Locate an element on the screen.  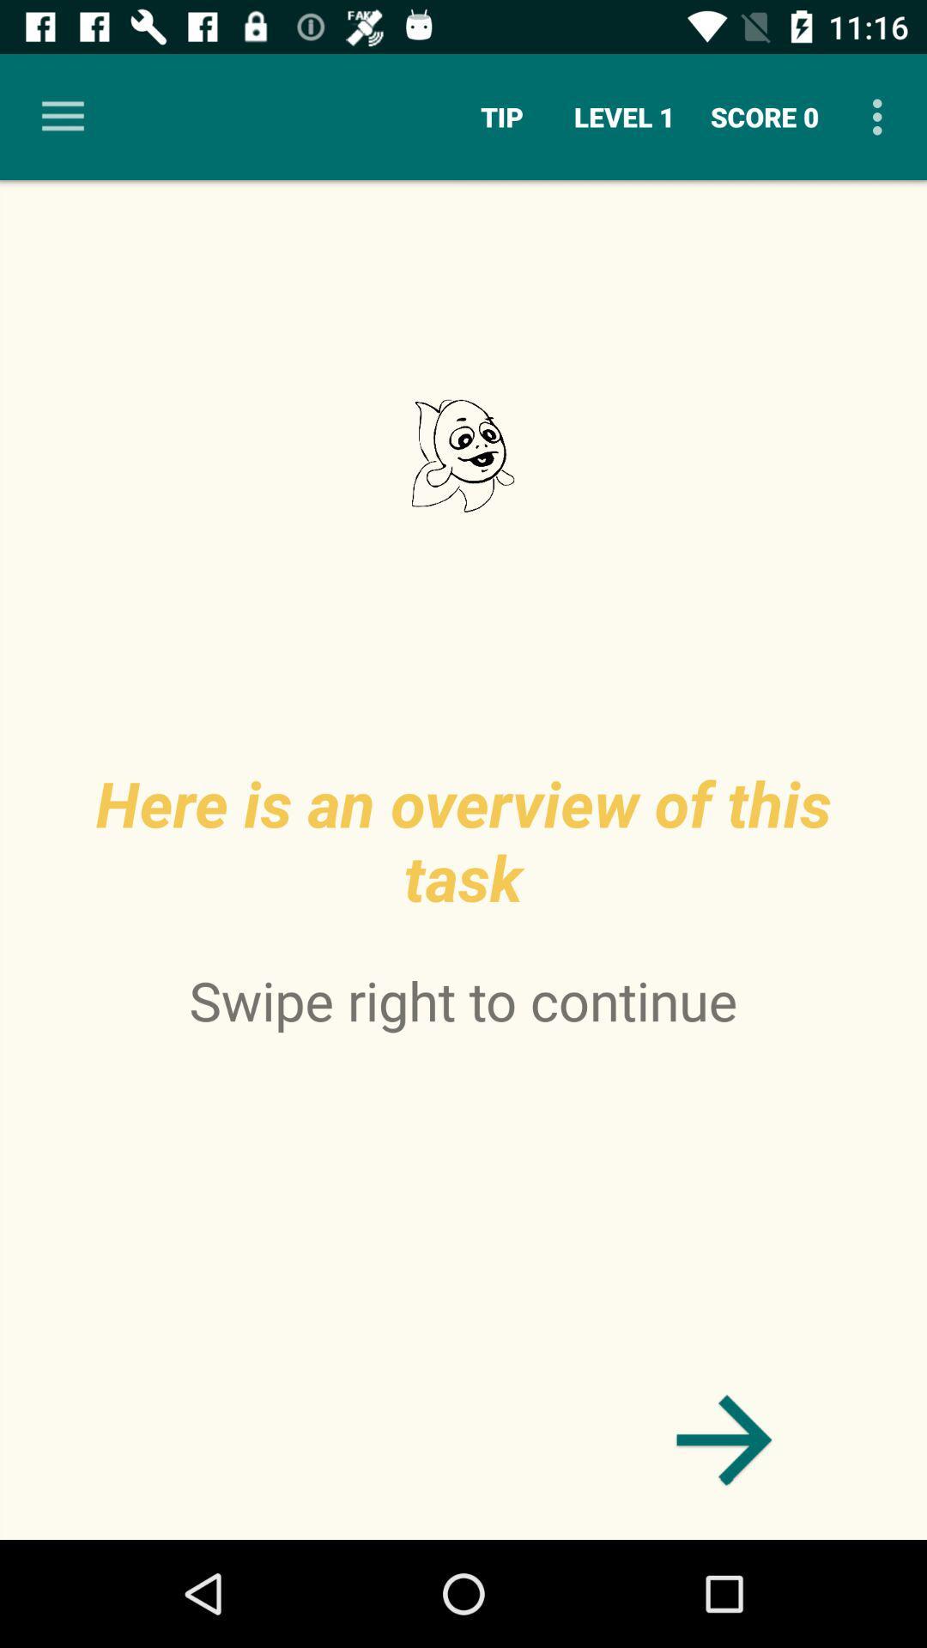
the icon to the right of tip icon is located at coordinates (624, 116).